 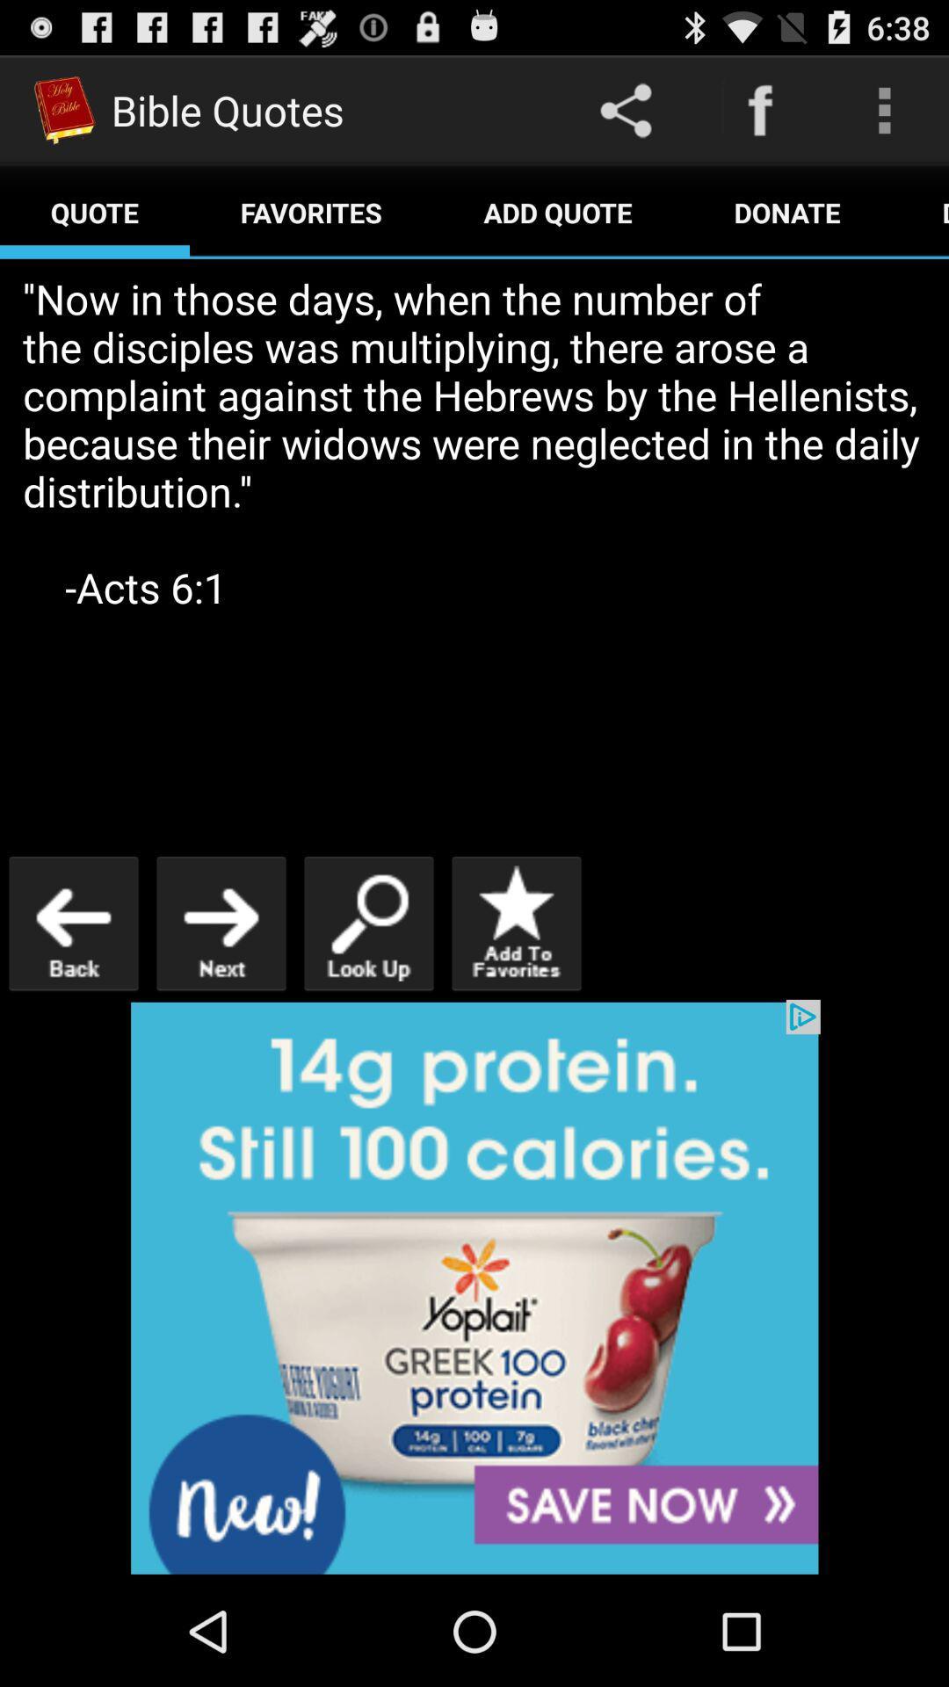 What do you see at coordinates (220, 923) in the screenshot?
I see `go next` at bounding box center [220, 923].